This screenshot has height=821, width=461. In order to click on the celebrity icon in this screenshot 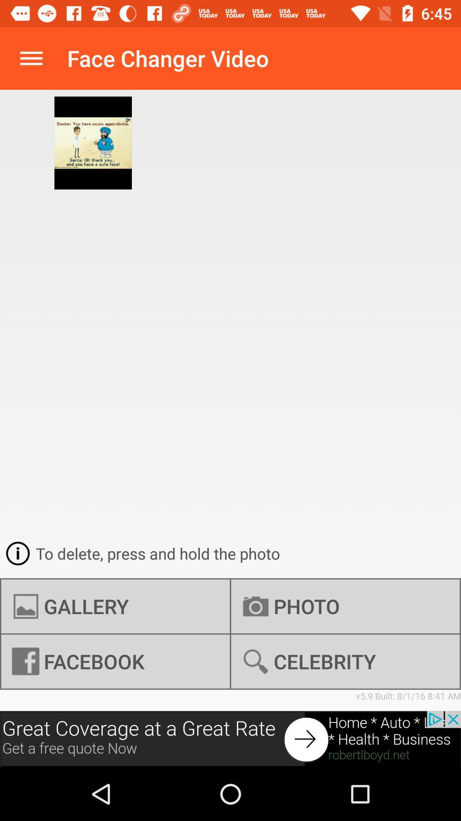, I will do `click(345, 661)`.